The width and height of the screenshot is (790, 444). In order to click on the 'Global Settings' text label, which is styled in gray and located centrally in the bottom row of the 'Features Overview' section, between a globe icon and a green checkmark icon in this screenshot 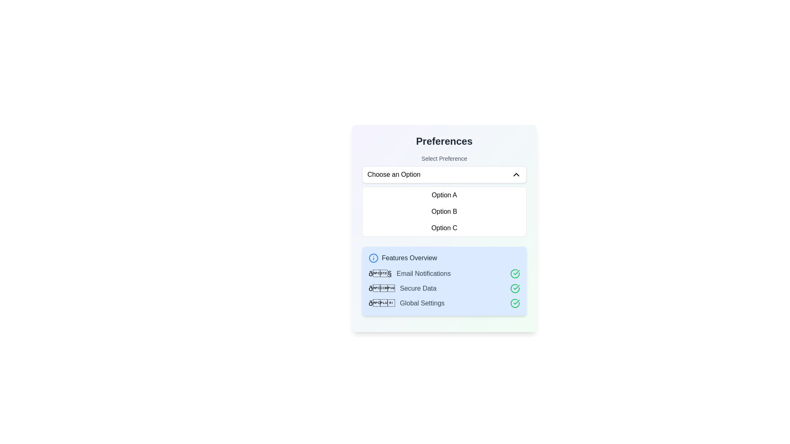, I will do `click(422, 303)`.